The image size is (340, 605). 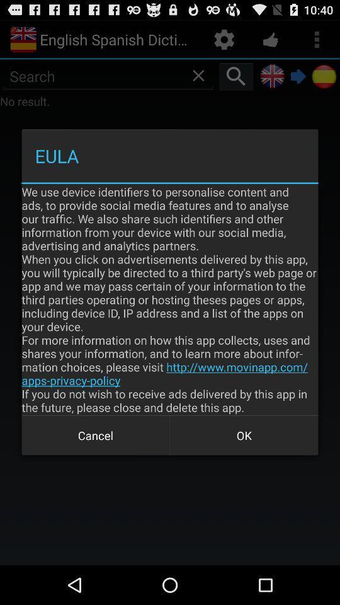 I want to click on item at the bottom right corner, so click(x=244, y=435).